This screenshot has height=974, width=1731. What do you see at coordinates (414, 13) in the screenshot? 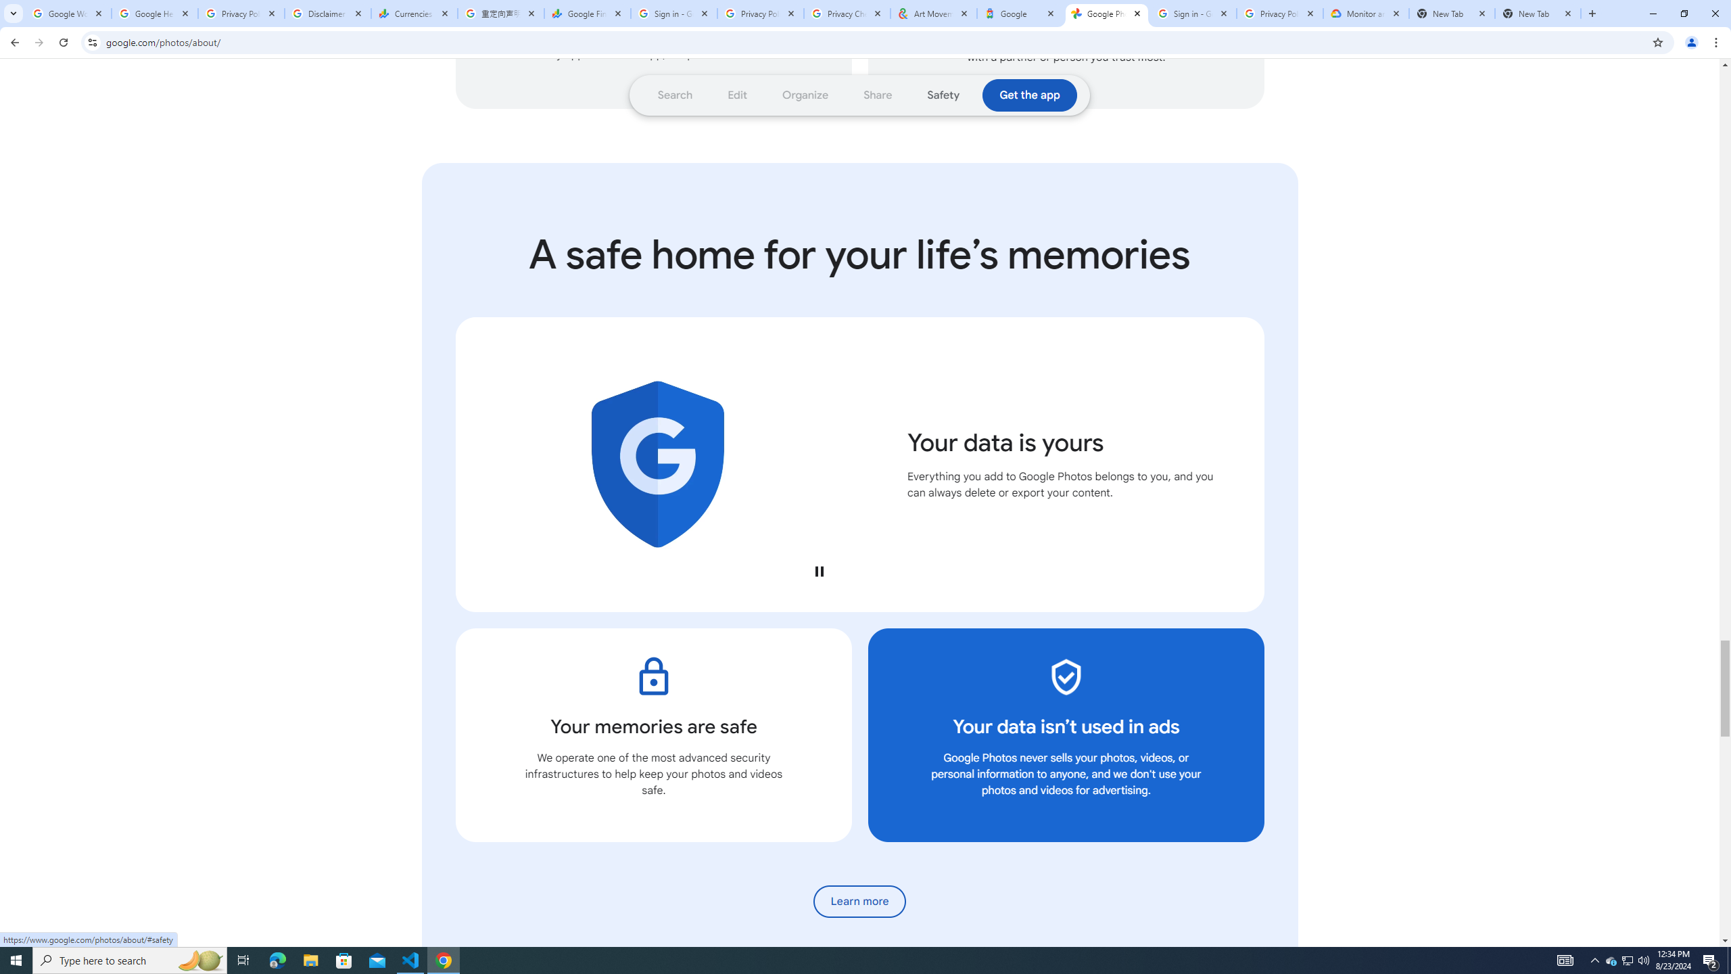
I see `'Currencies - Google Finance'` at bounding box center [414, 13].